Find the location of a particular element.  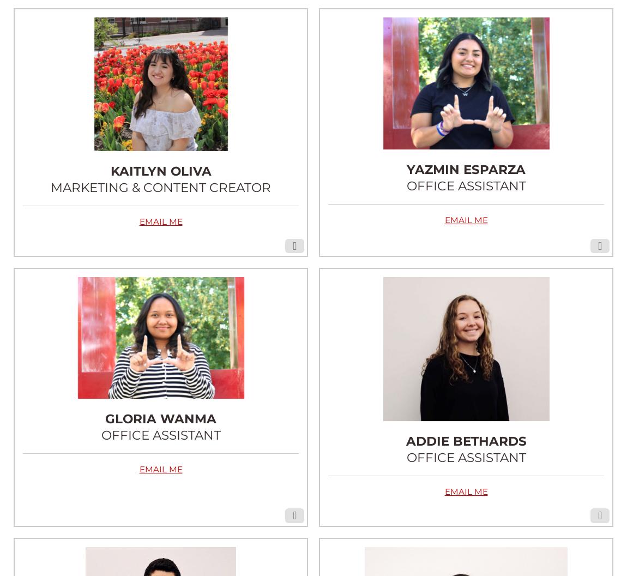

'ABOUT ADDIE' is located at coordinates (465, 283).